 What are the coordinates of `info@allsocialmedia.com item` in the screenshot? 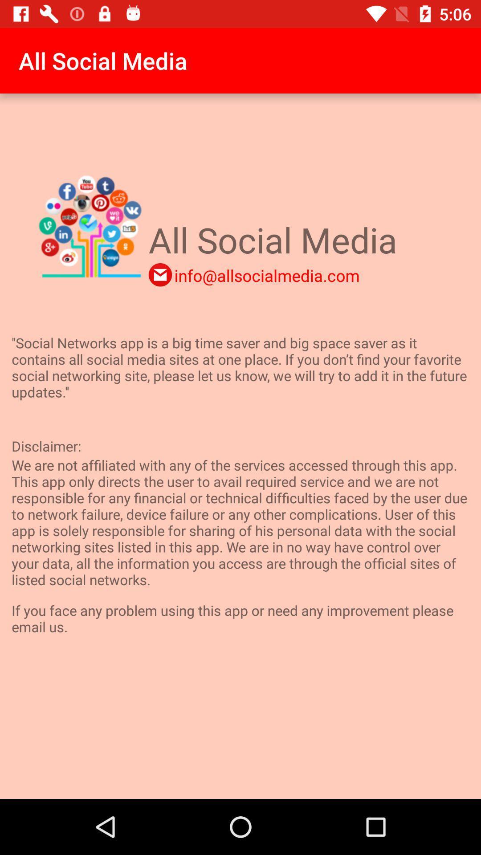 It's located at (266, 275).